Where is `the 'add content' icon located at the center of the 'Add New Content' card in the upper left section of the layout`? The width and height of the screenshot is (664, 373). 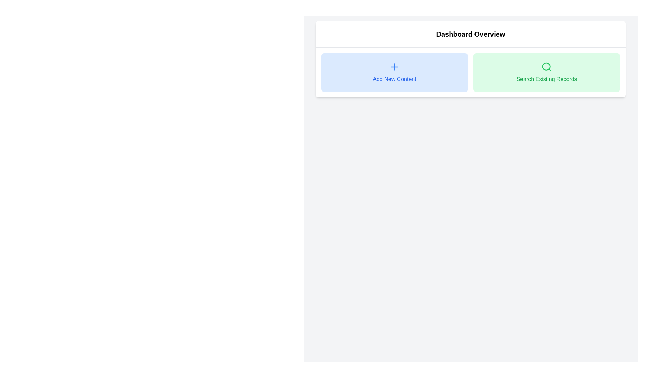
the 'add content' icon located at the center of the 'Add New Content' card in the upper left section of the layout is located at coordinates (395, 67).